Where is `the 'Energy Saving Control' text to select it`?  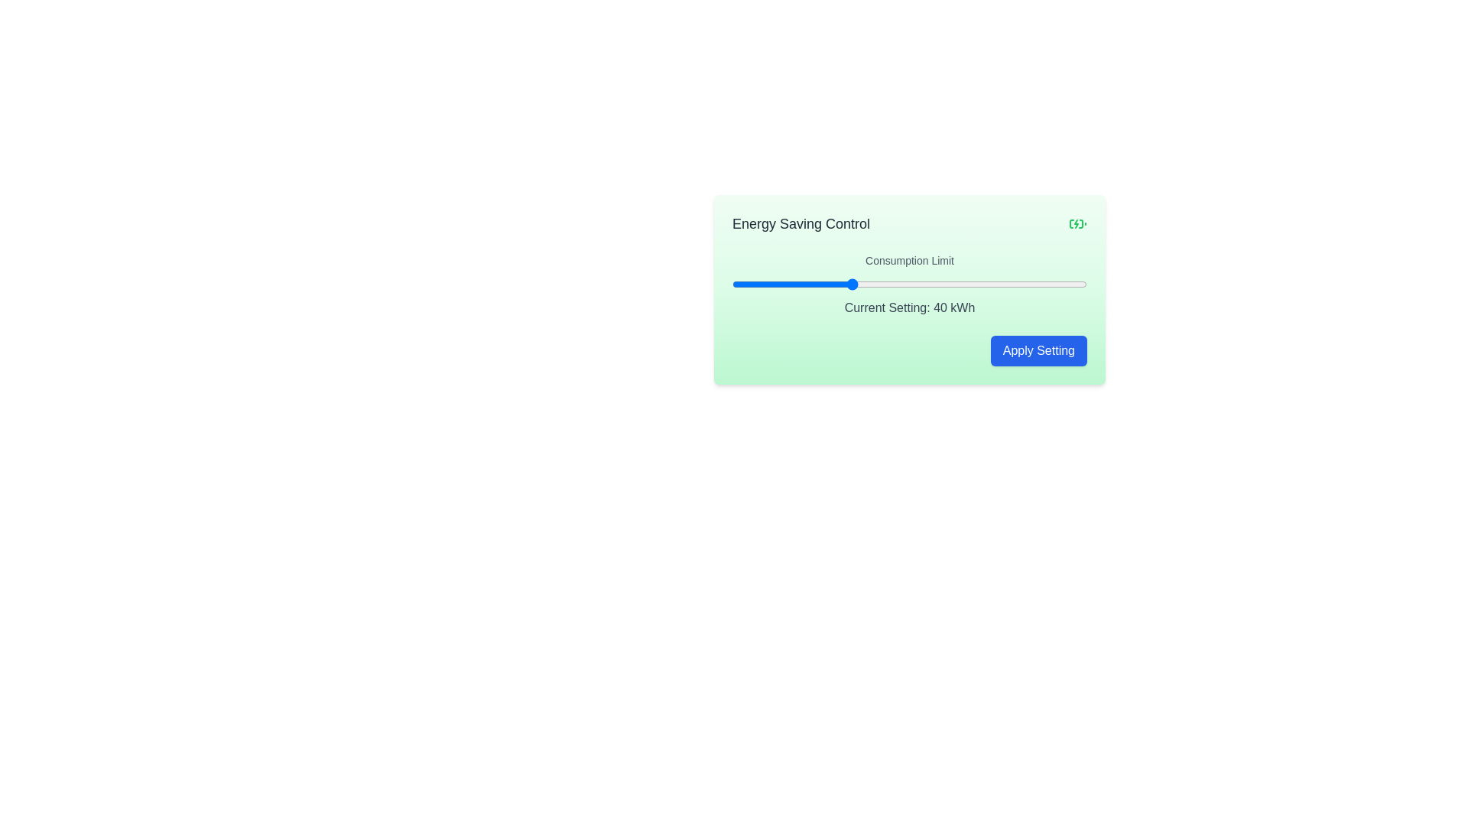 the 'Energy Saving Control' text to select it is located at coordinates (800, 224).